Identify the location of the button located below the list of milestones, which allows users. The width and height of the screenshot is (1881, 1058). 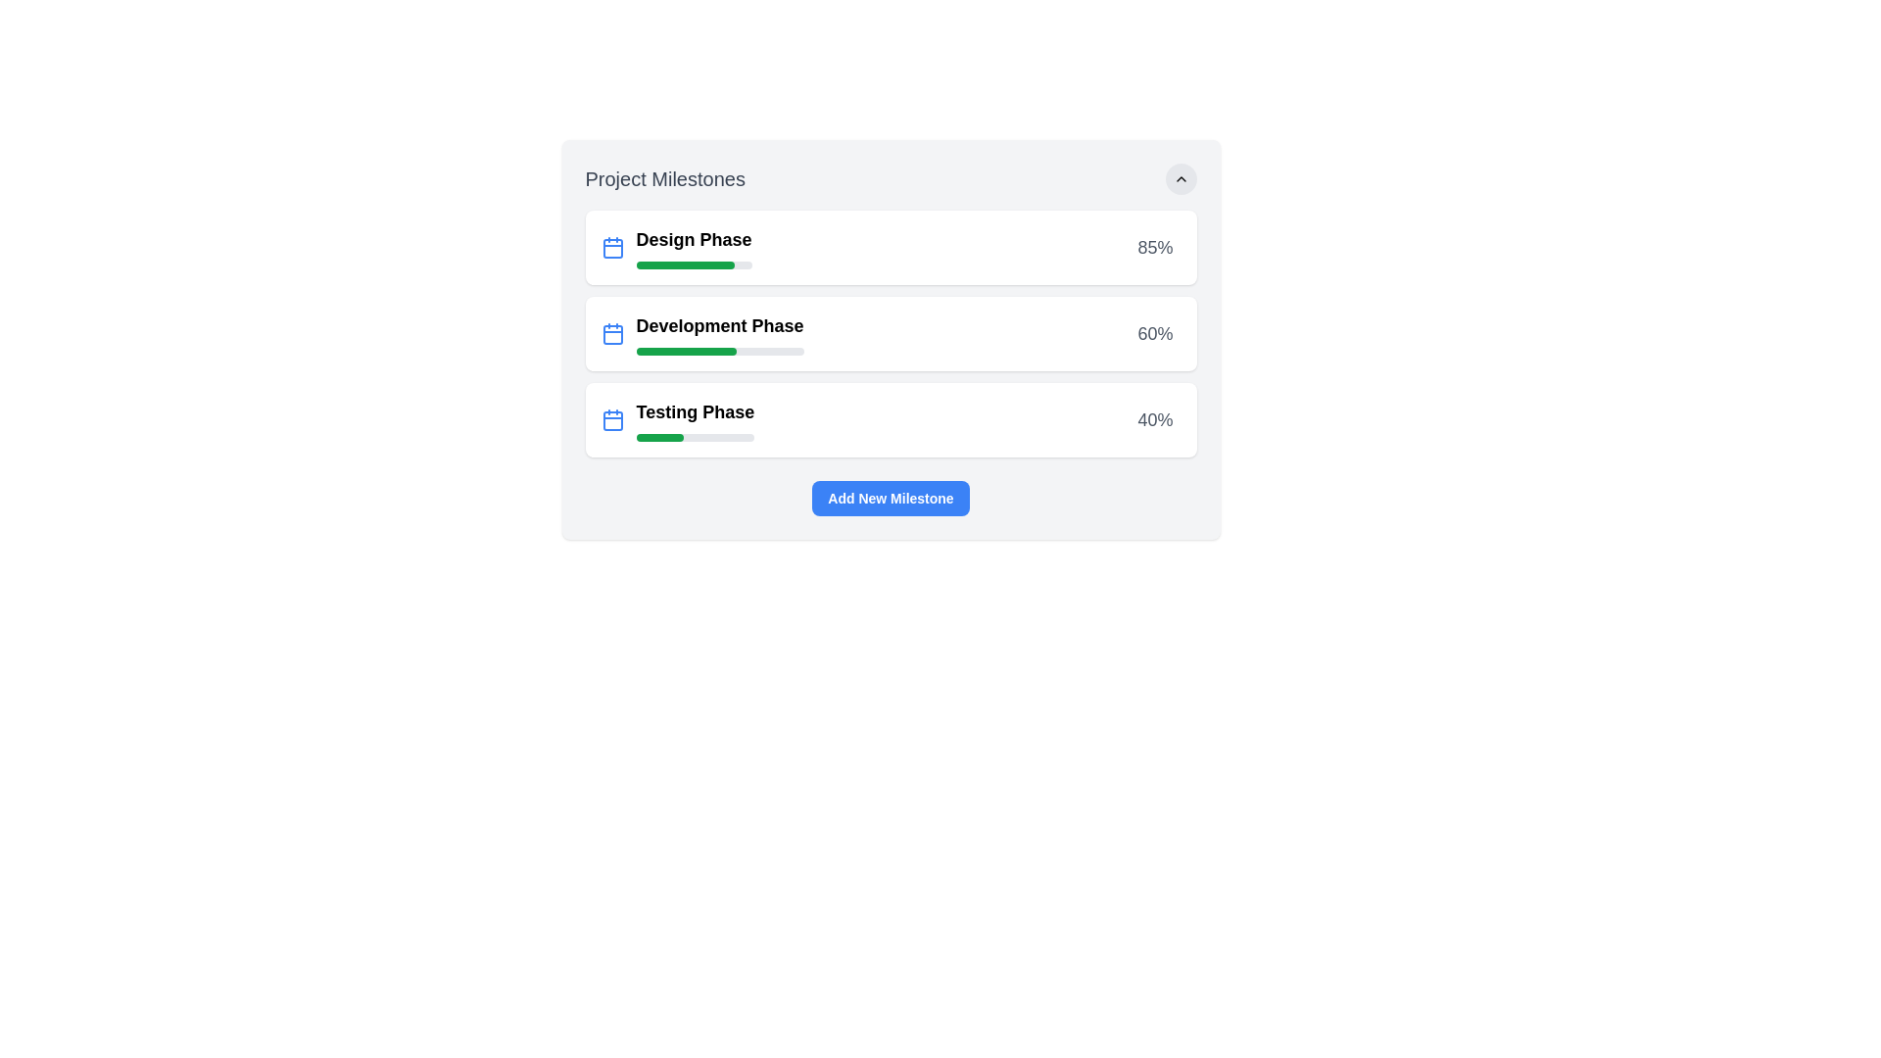
(890, 498).